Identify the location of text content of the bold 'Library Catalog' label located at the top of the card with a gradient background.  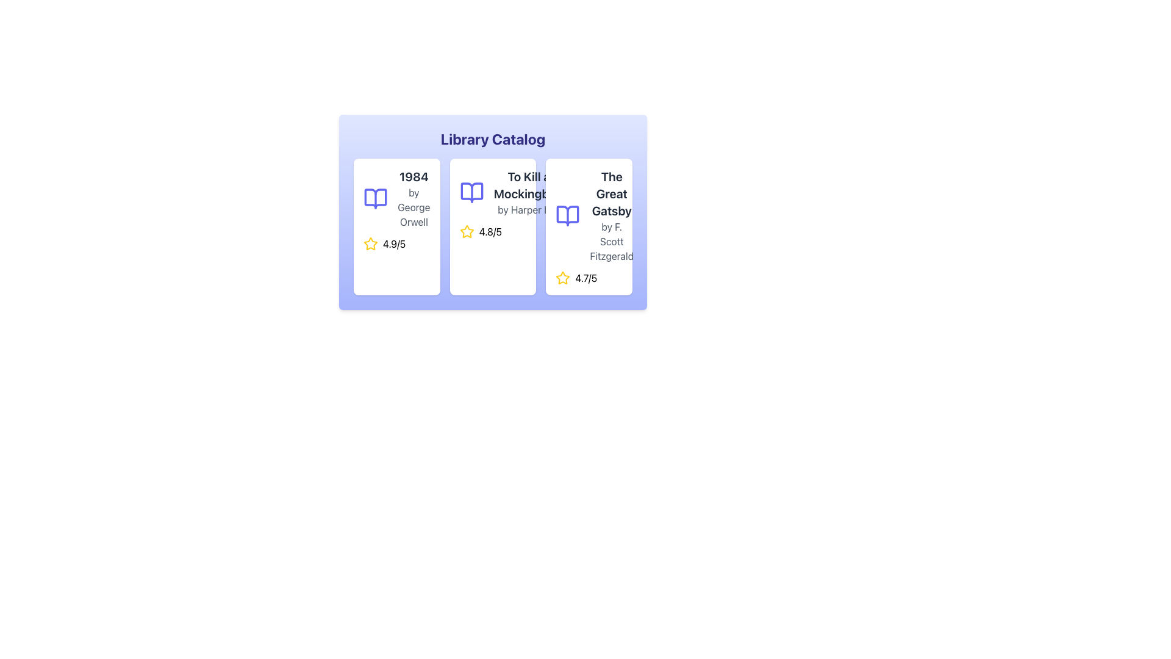
(493, 138).